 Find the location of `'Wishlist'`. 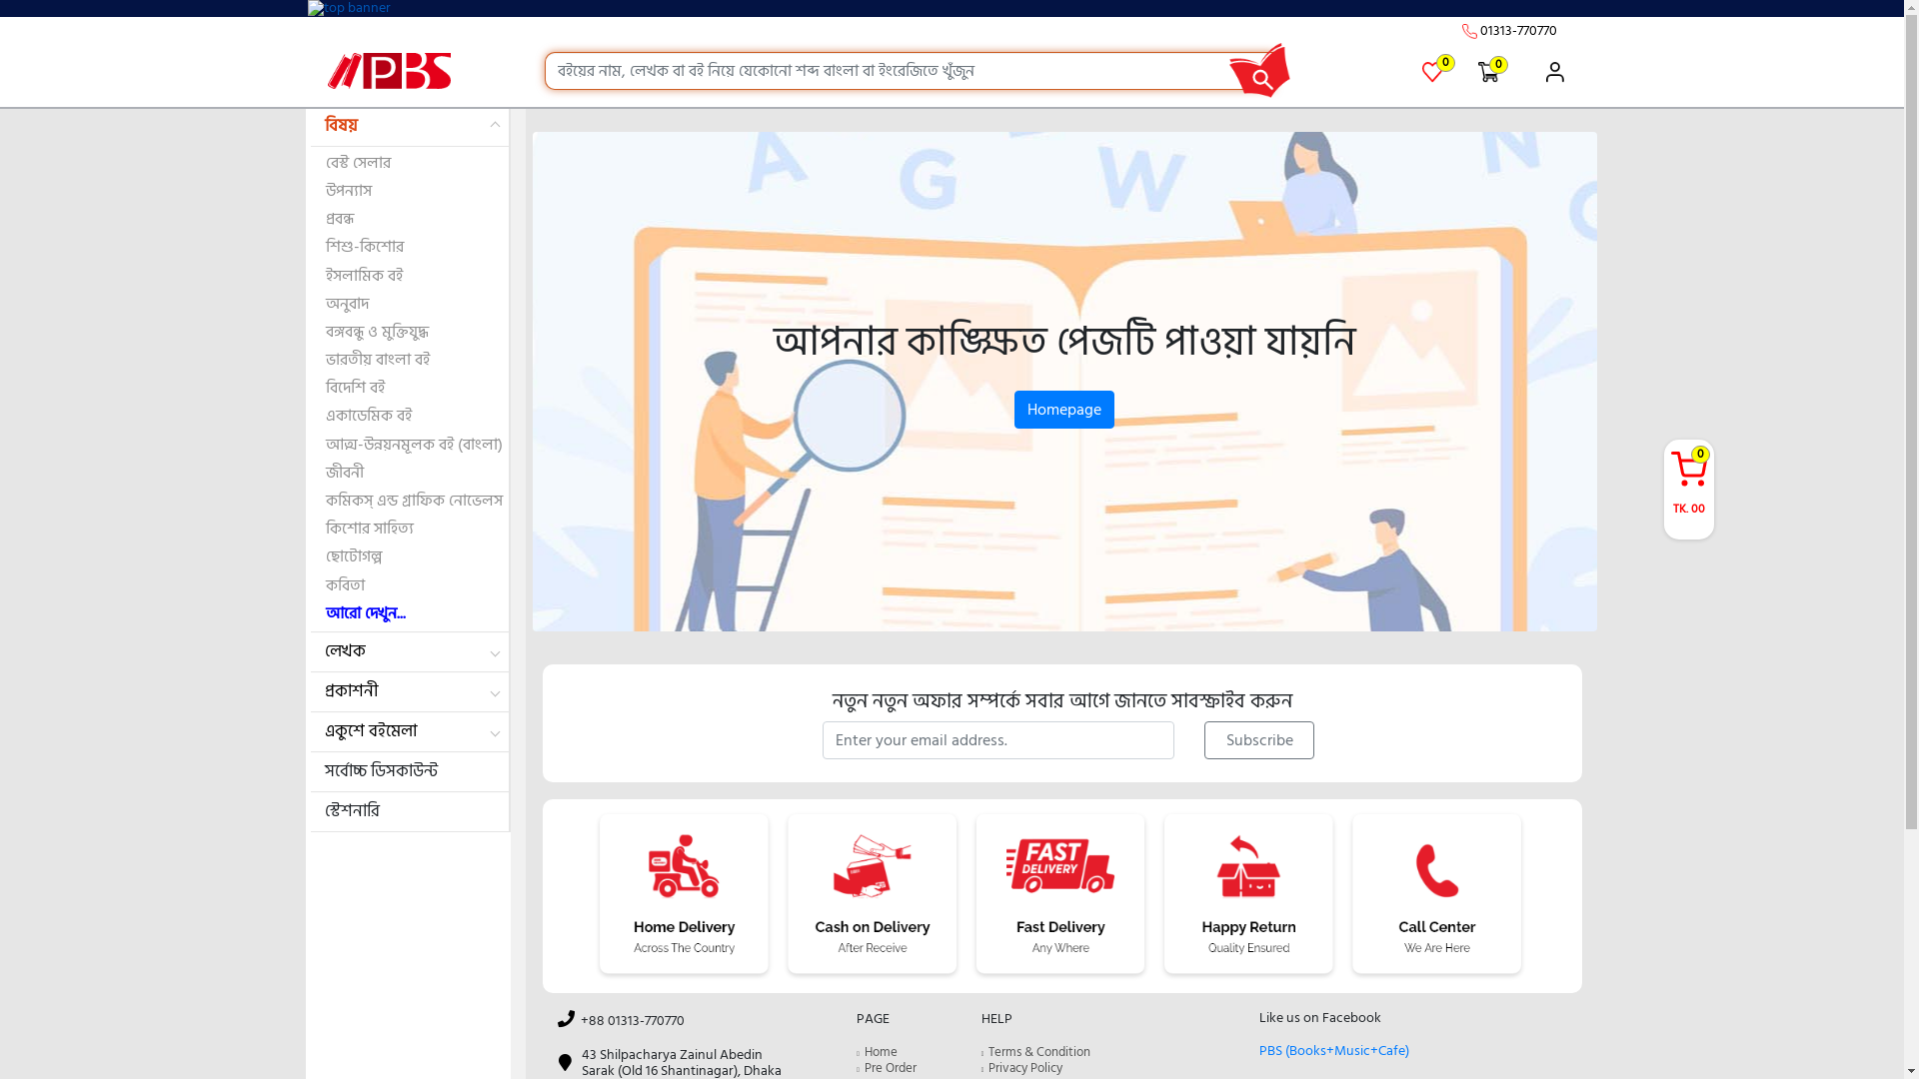

'Wishlist' is located at coordinates (1420, 70).